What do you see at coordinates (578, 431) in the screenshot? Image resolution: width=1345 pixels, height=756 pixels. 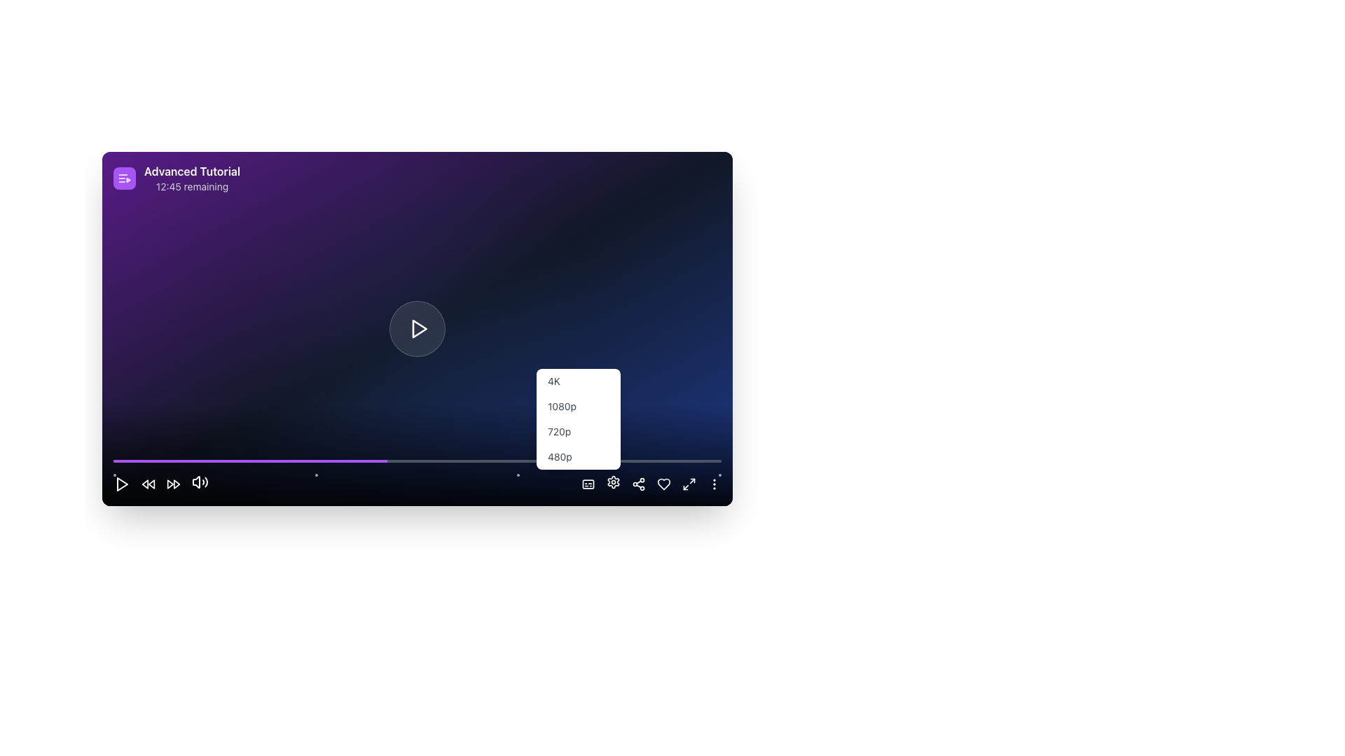 I see `the 720p resolution option in the dropdown menu for visual feedback` at bounding box center [578, 431].